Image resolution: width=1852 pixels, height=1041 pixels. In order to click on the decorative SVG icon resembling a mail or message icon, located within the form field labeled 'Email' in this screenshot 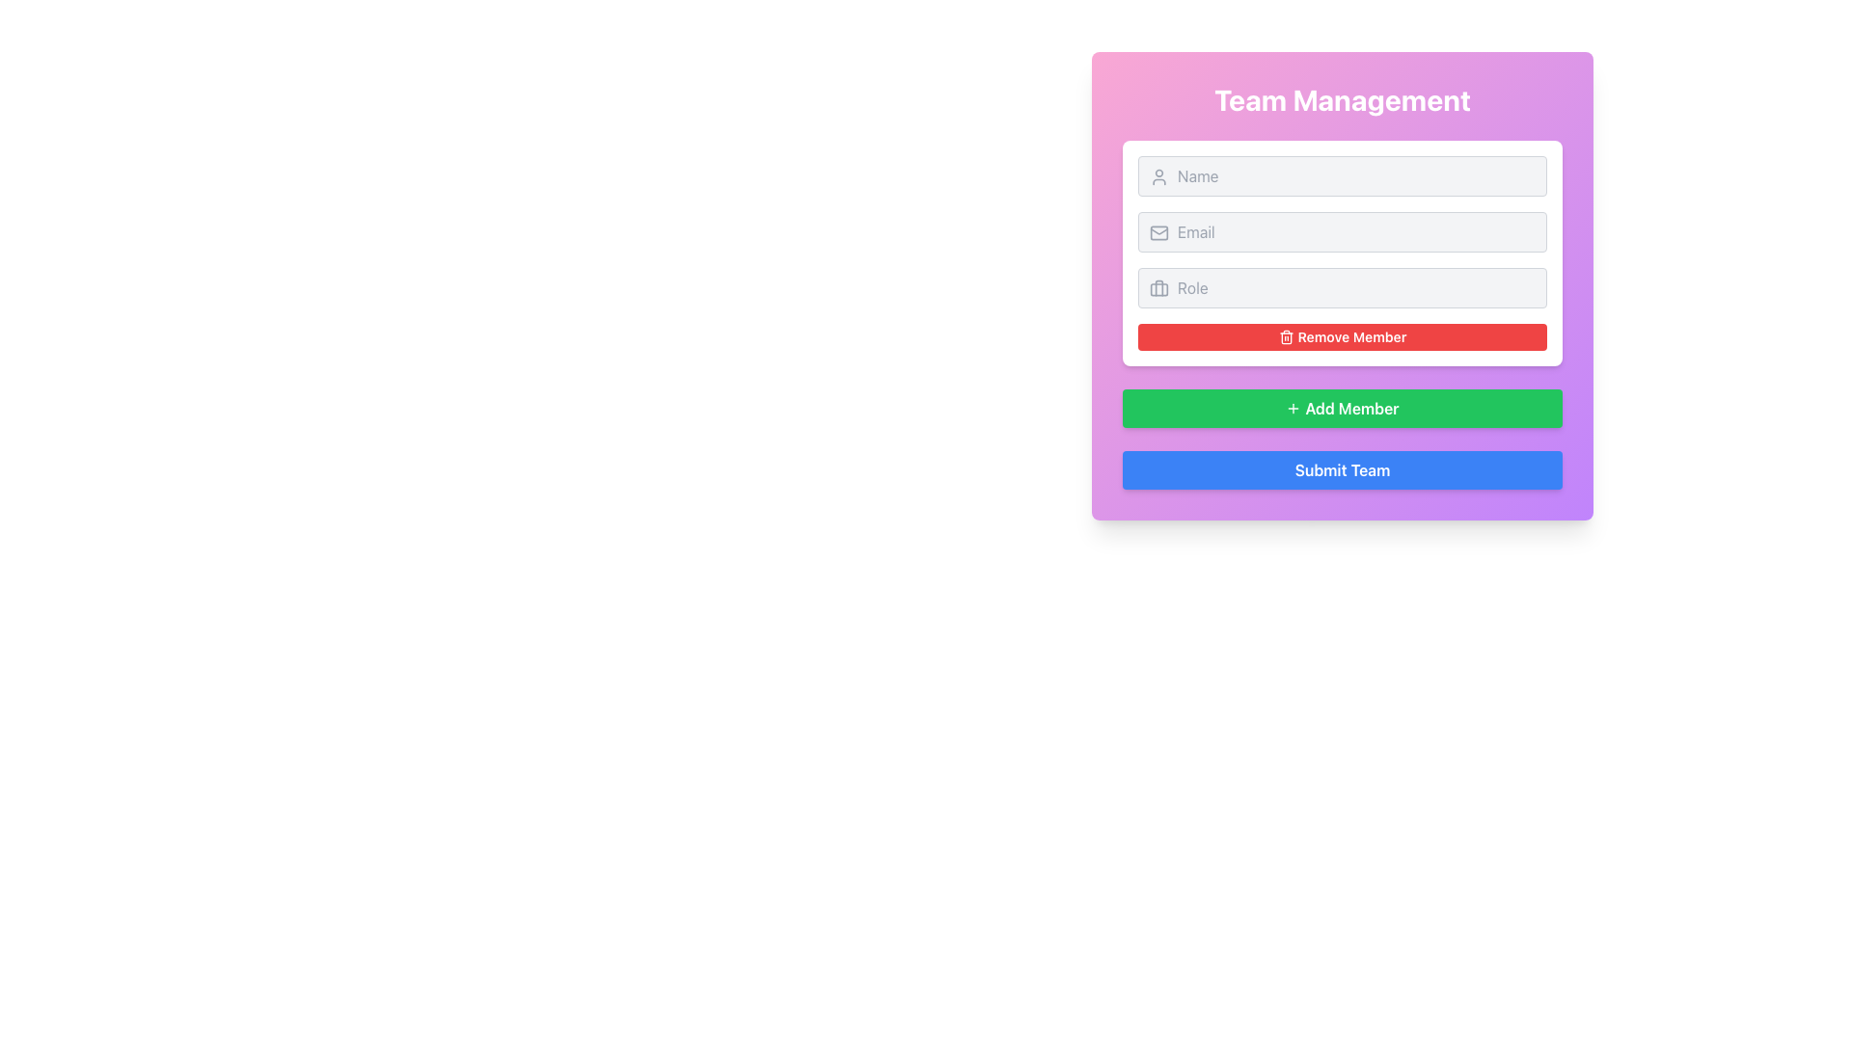, I will do `click(1157, 229)`.